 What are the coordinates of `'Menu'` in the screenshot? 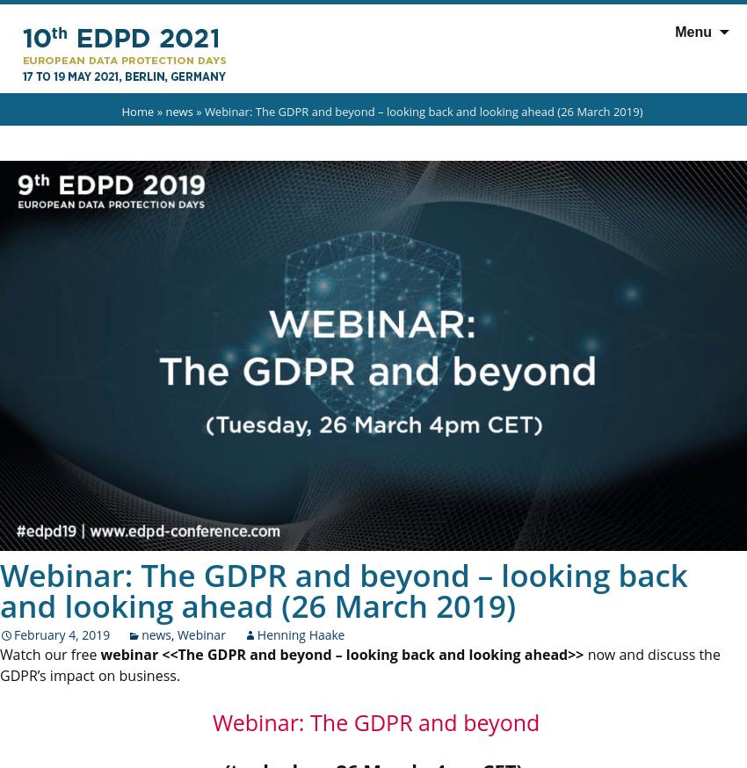 It's located at (673, 31).